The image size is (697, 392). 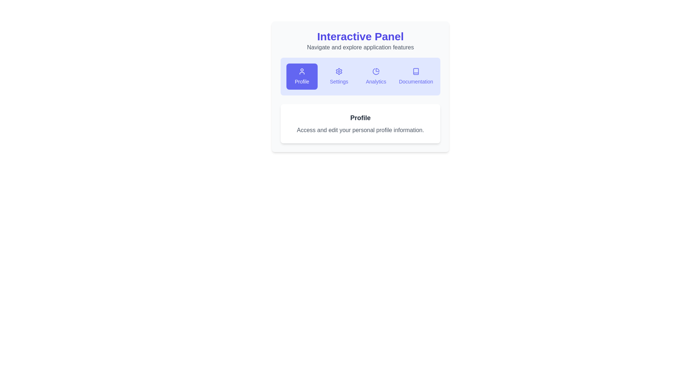 What do you see at coordinates (376, 71) in the screenshot?
I see `the analytics icon located within the 'Analytics' button, which is the third button from the left in the top row of the 'Interactive Panel'` at bounding box center [376, 71].